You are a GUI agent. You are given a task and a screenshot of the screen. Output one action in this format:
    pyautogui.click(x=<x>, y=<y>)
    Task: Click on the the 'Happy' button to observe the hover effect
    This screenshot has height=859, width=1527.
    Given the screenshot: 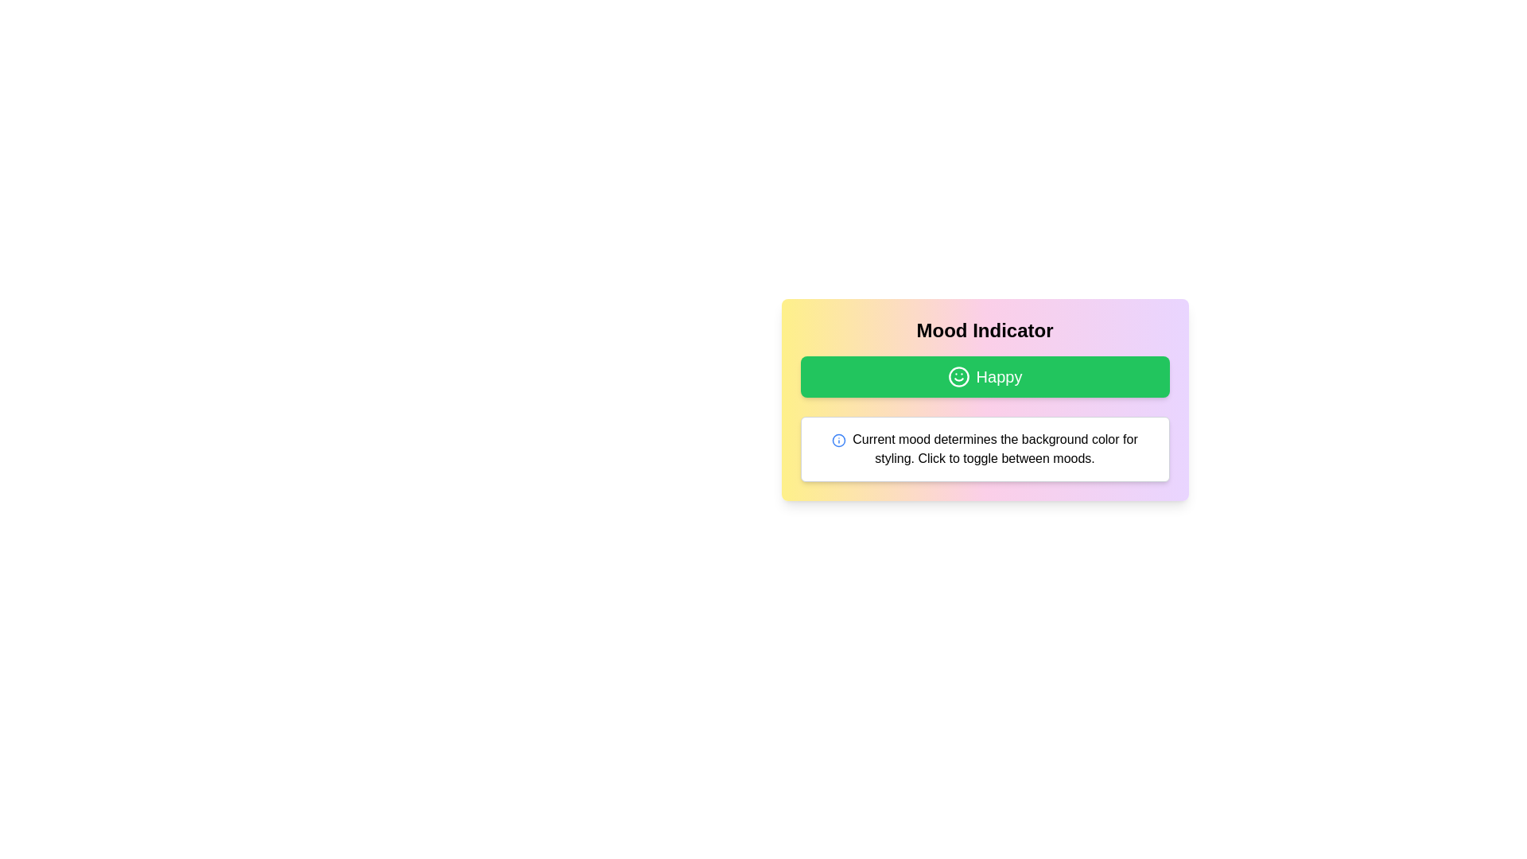 What is the action you would take?
    pyautogui.click(x=984, y=377)
    